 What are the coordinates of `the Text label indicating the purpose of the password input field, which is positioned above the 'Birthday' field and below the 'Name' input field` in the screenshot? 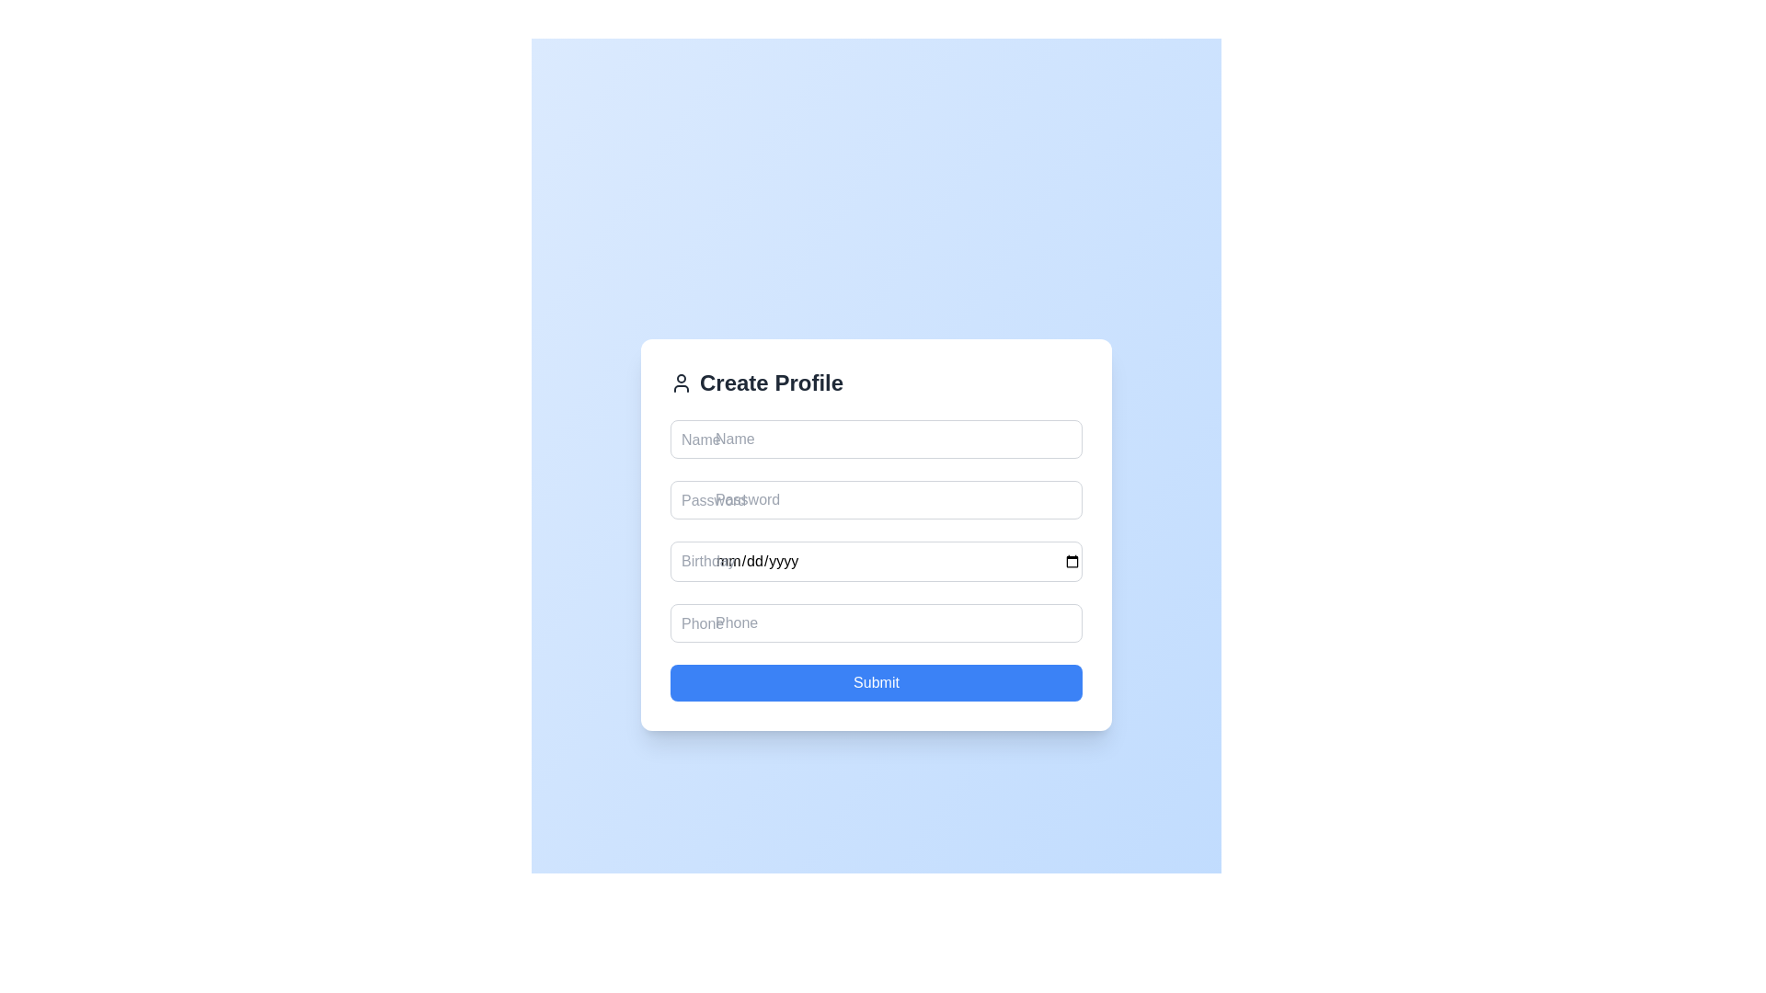 It's located at (713, 500).